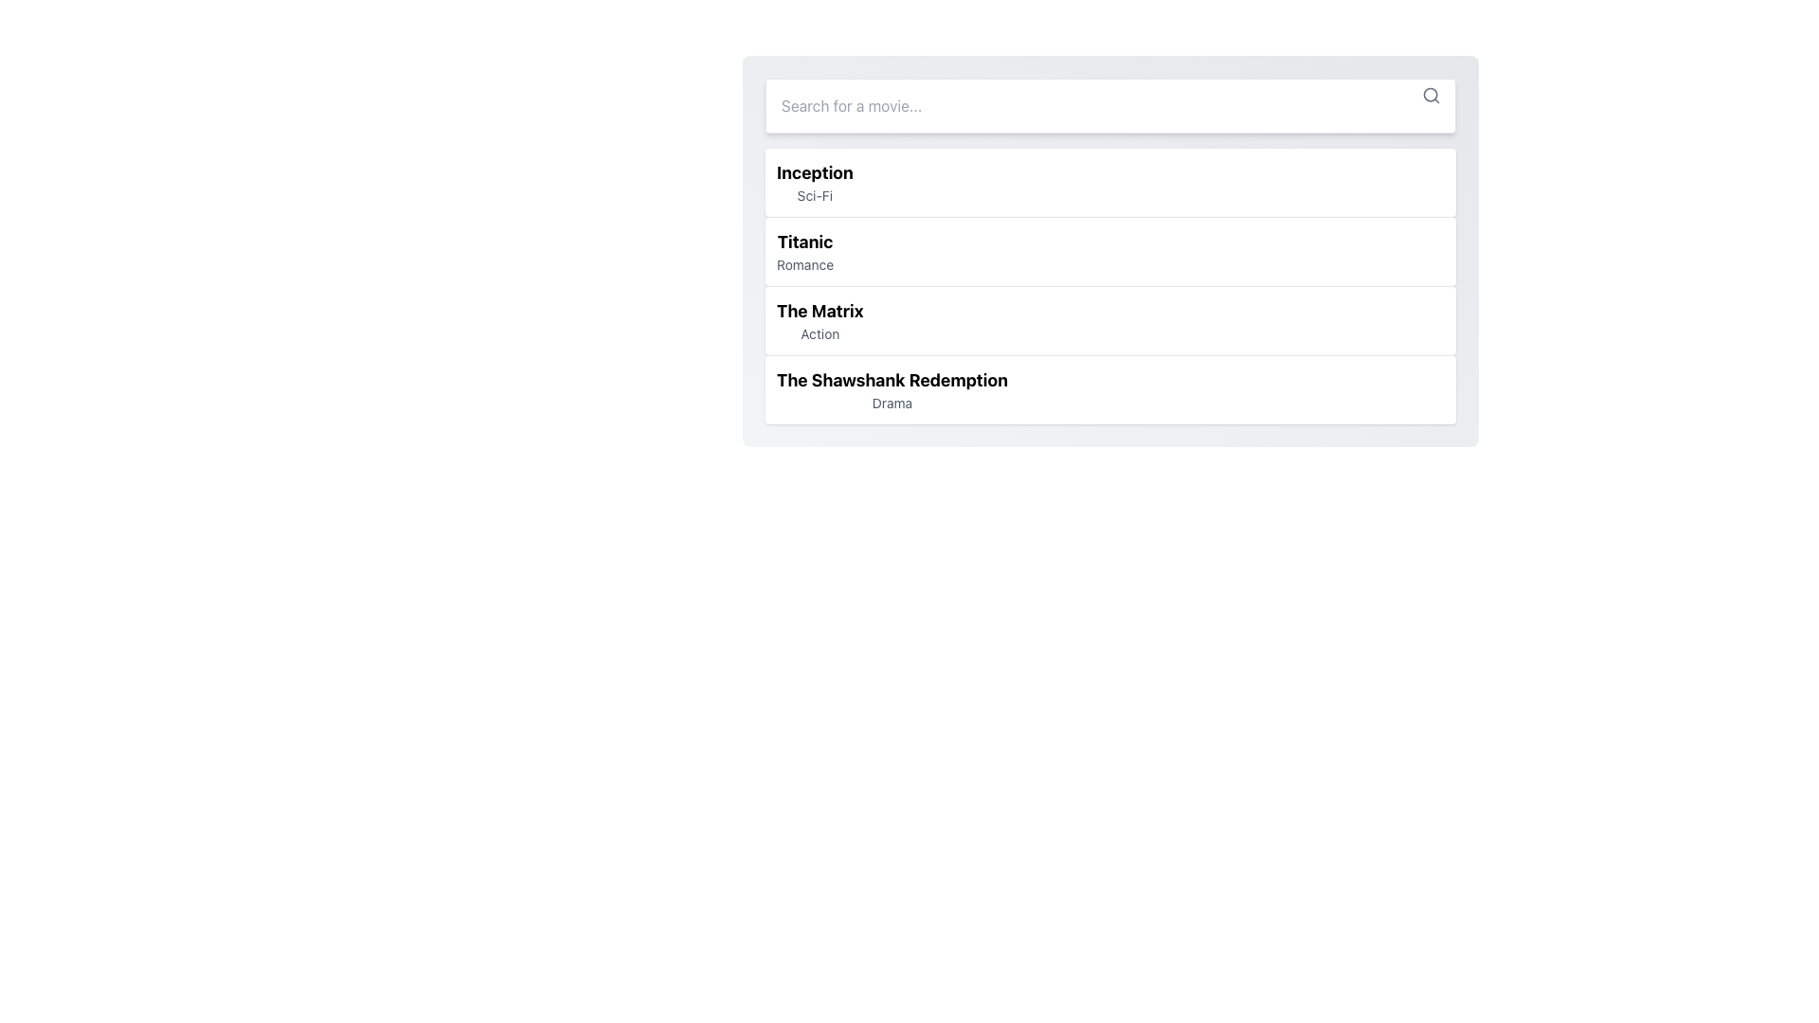 Image resolution: width=1819 pixels, height=1023 pixels. I want to click on the bolded text label titled 'The Shawshank Redemption', which is located within the fourth entry of a vertically arranged list and is styled in black against a white background, so click(891, 380).